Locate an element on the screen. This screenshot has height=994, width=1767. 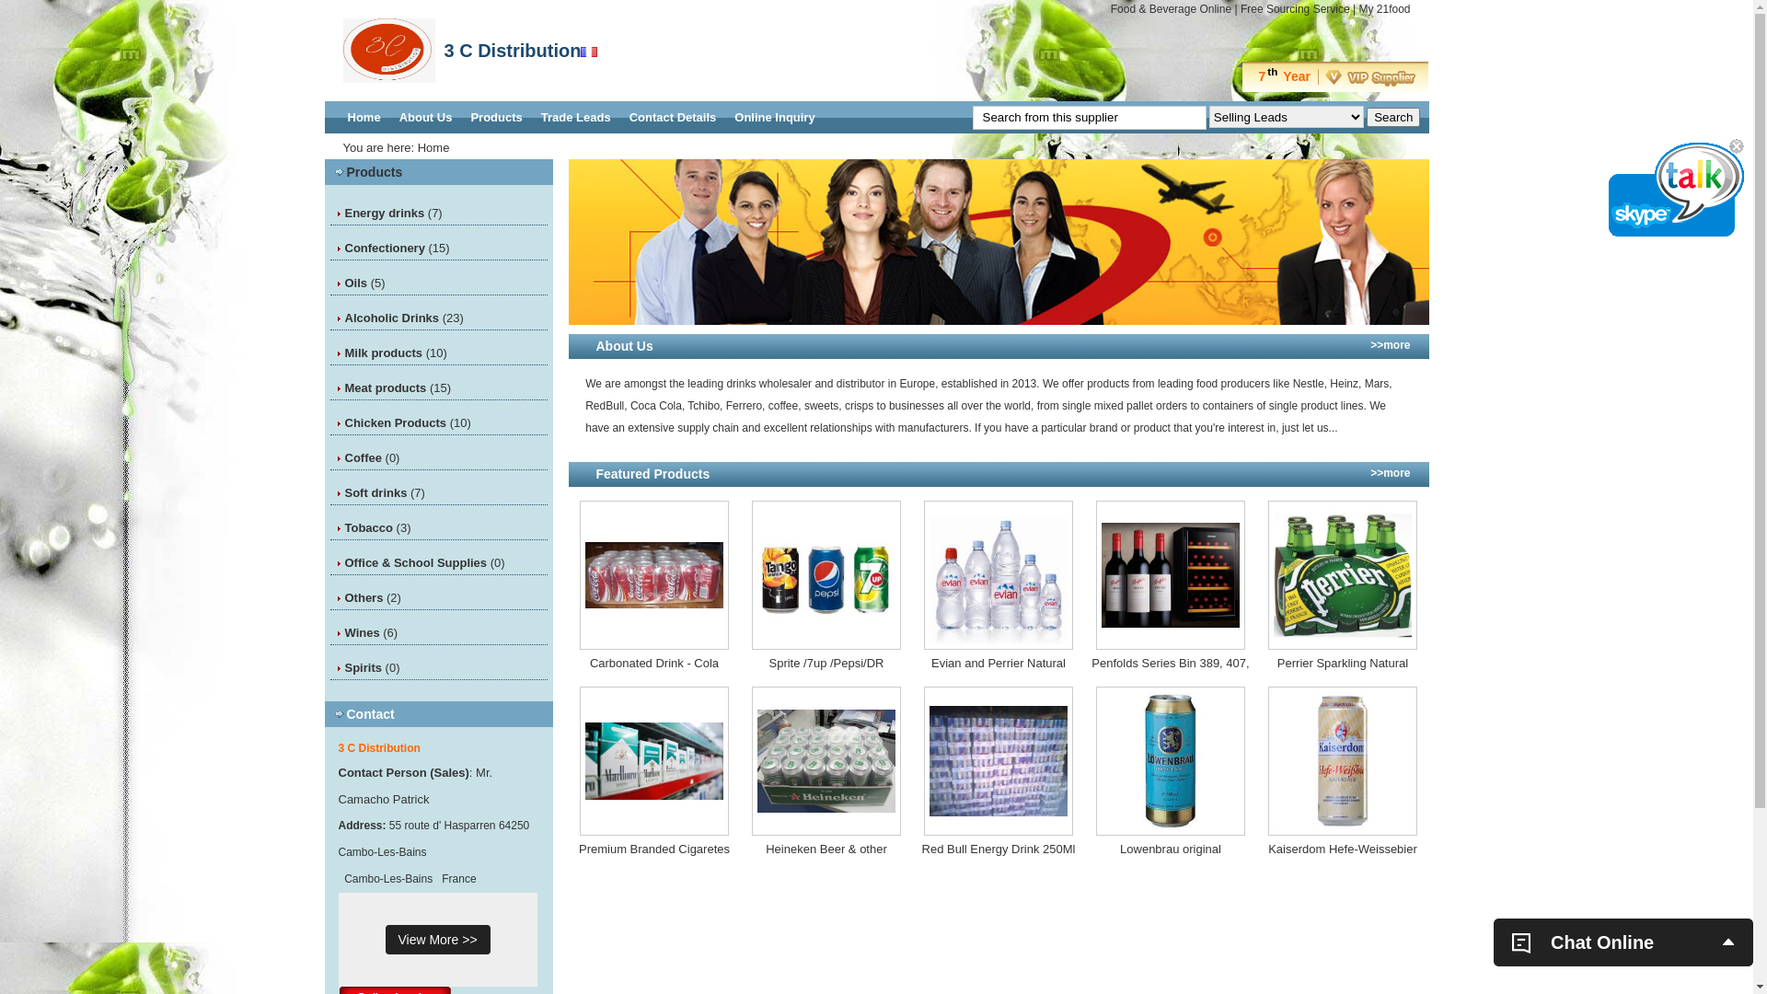
'7thYear' is located at coordinates (1333, 75).